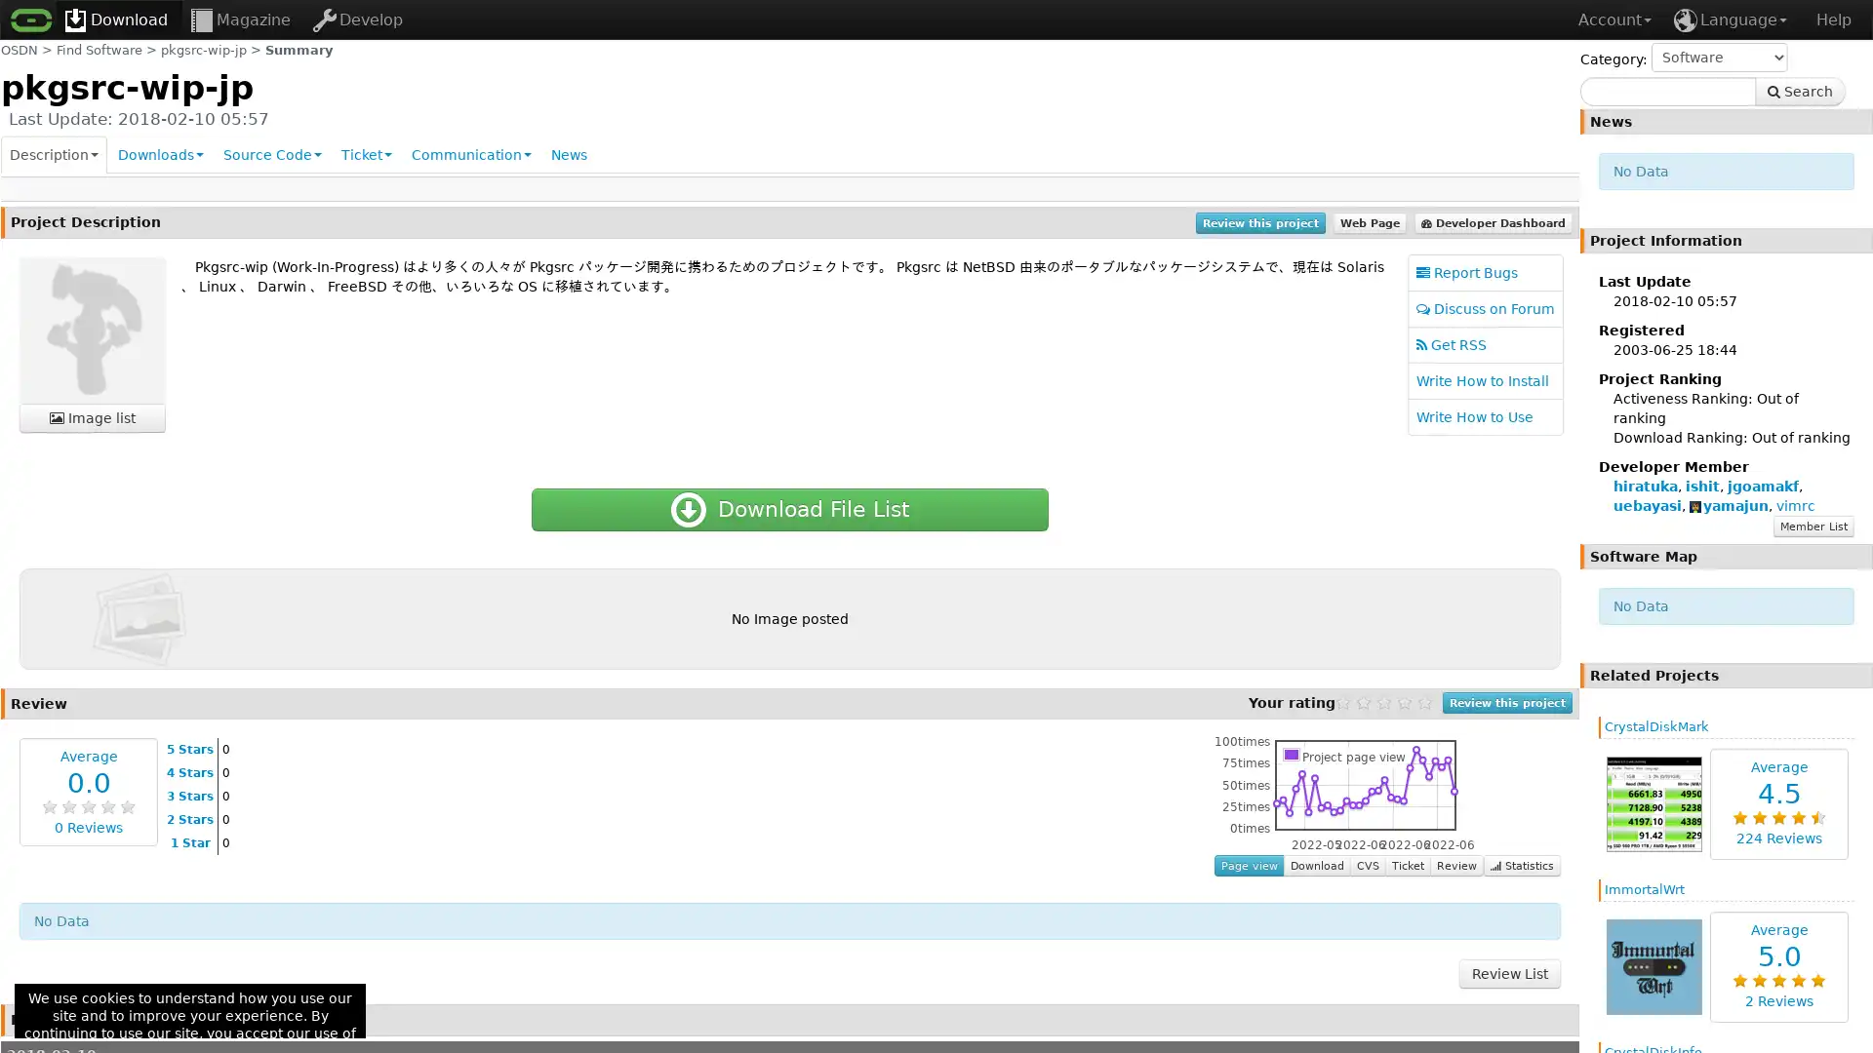 The image size is (1873, 1053). Describe the element at coordinates (1456, 864) in the screenshot. I see `Review` at that location.